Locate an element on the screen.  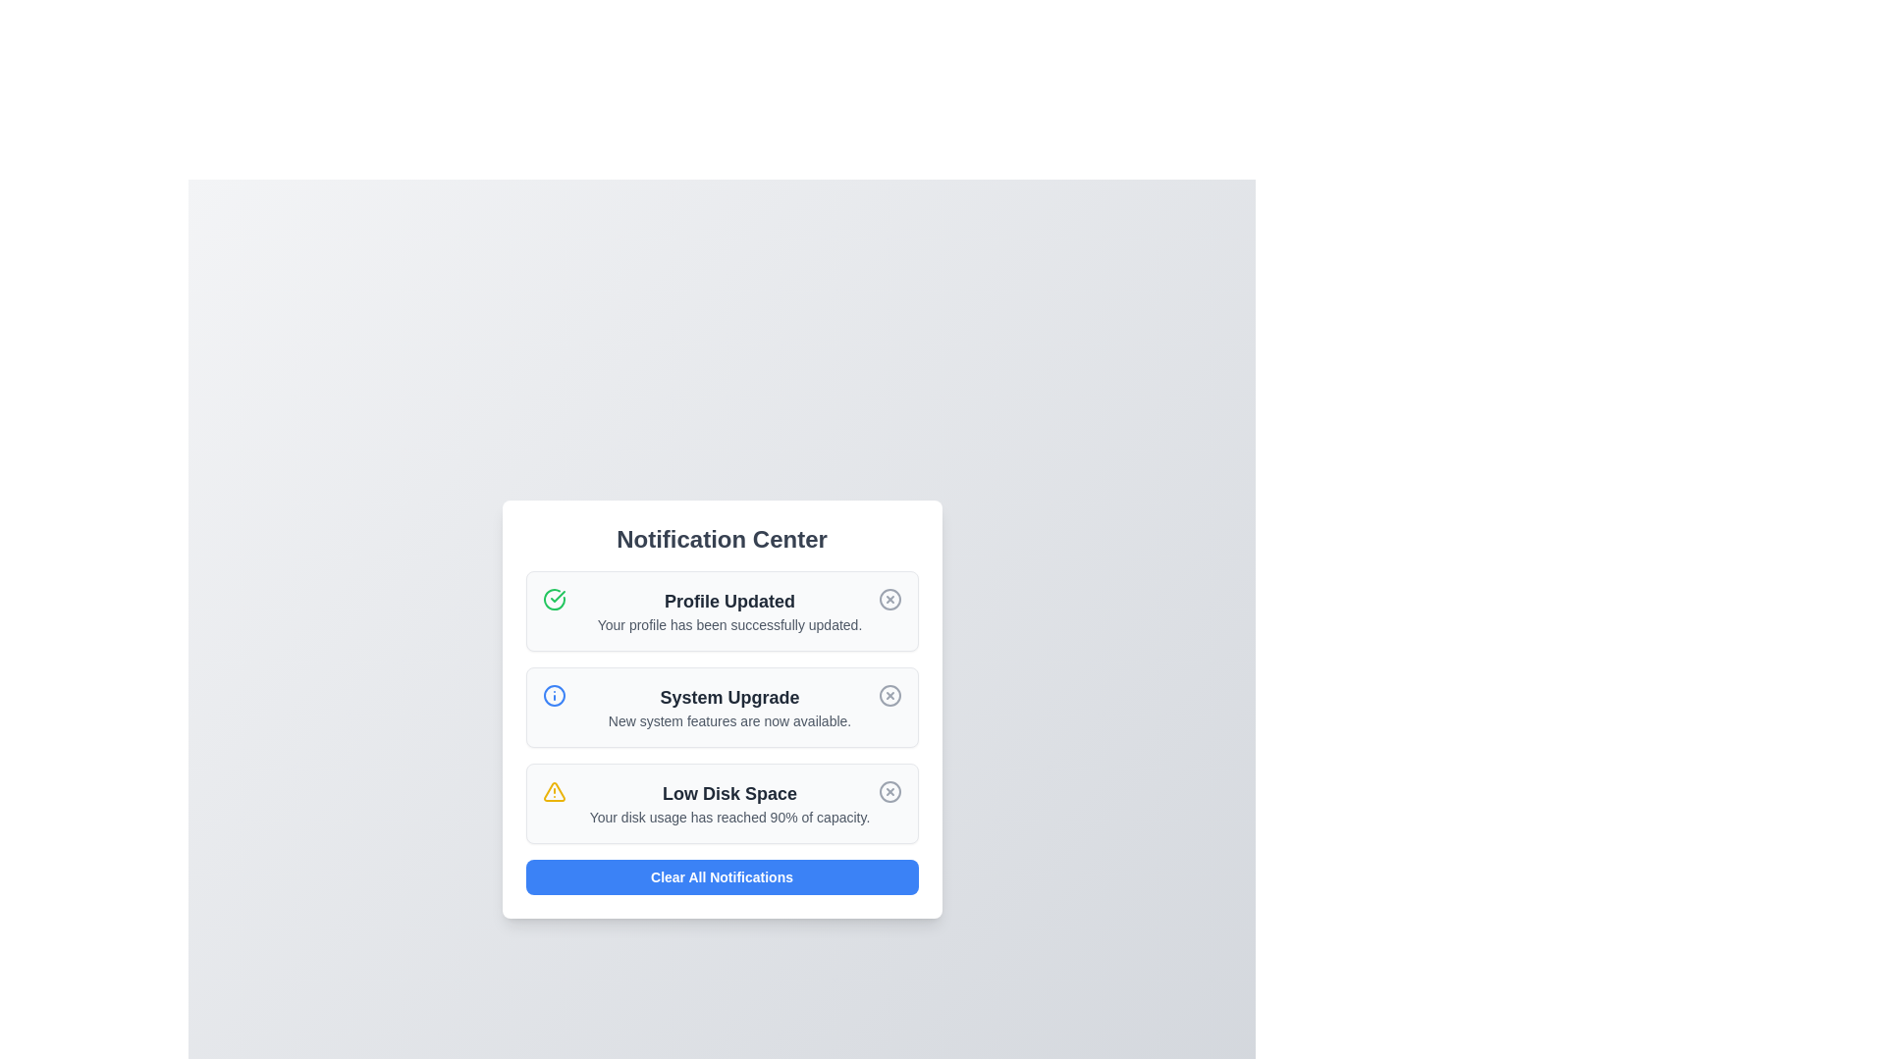
notification block with the bolded heading 'Low Disk Space' and the message 'Your disk usage has reached 90% of capacity.' located as the third notification in the Notification Center modal is located at coordinates (728, 803).